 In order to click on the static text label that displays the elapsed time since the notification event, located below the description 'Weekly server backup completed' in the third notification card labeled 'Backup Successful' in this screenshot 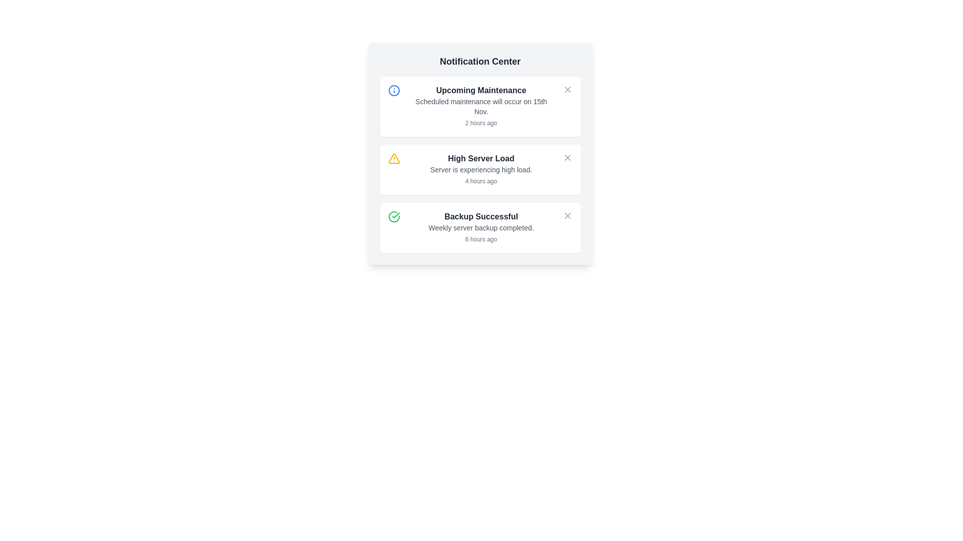, I will do `click(480, 239)`.